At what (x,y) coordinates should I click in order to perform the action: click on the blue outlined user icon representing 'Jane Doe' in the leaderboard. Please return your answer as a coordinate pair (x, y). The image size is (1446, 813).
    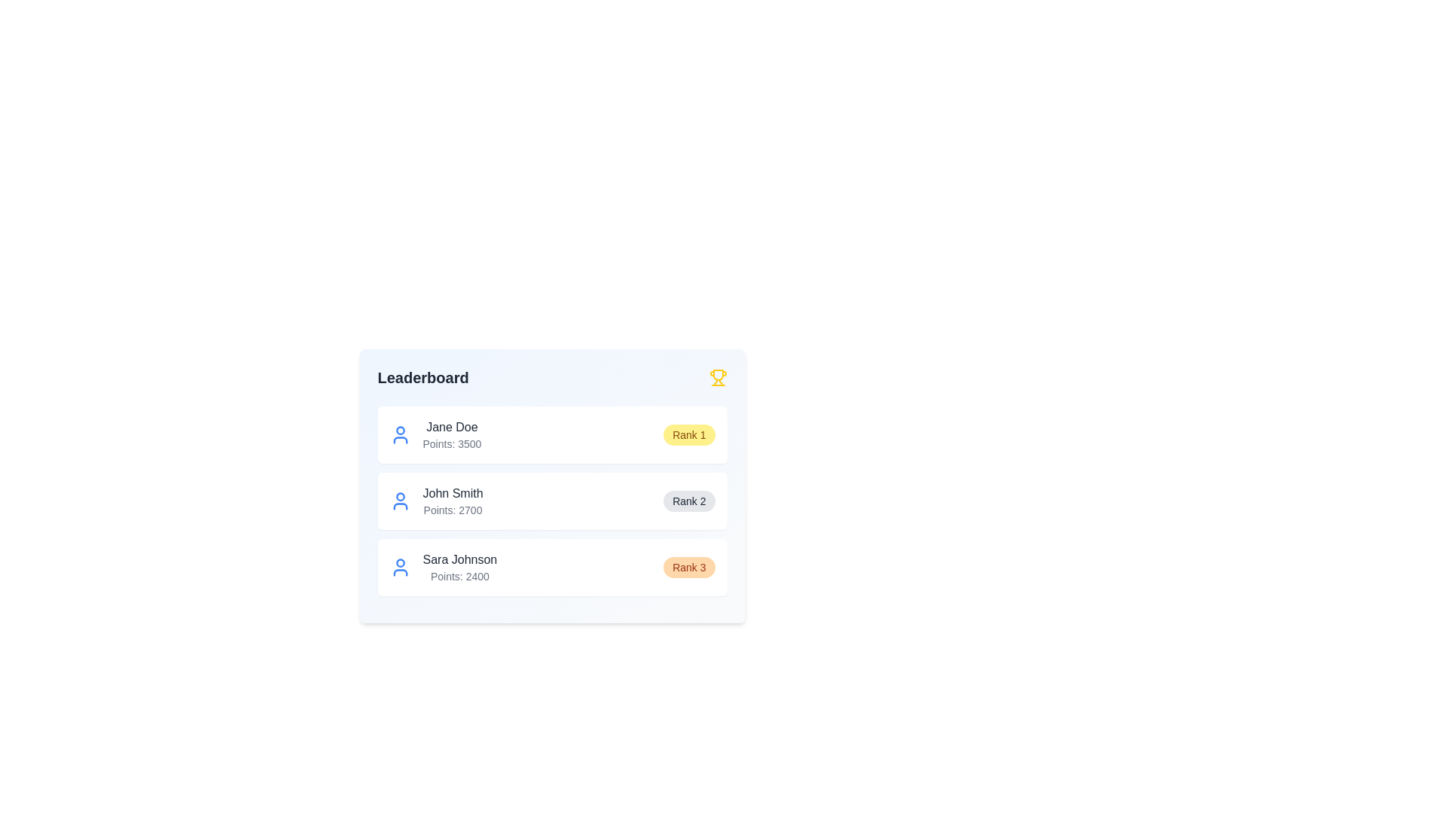
    Looking at the image, I should click on (400, 435).